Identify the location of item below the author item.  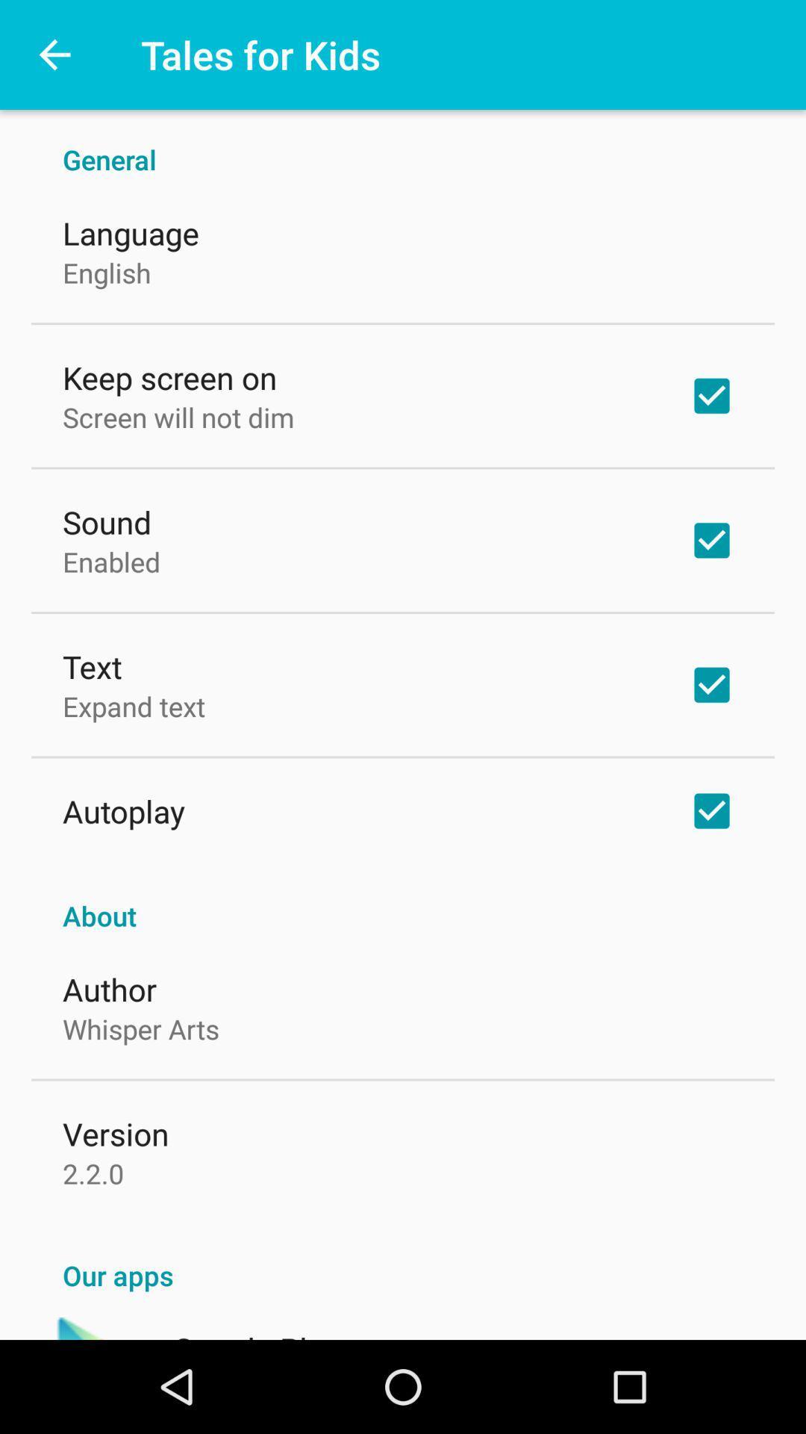
(141, 1028).